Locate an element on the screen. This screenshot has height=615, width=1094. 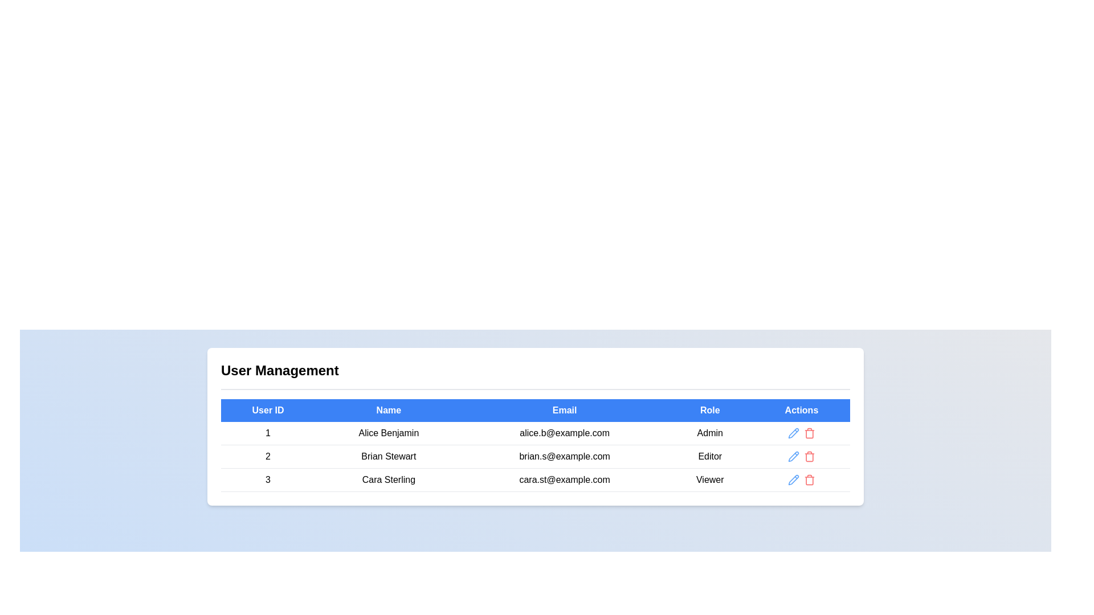
the pencil icon in the Actions column of the user table to initiate editing operations is located at coordinates (793, 432).